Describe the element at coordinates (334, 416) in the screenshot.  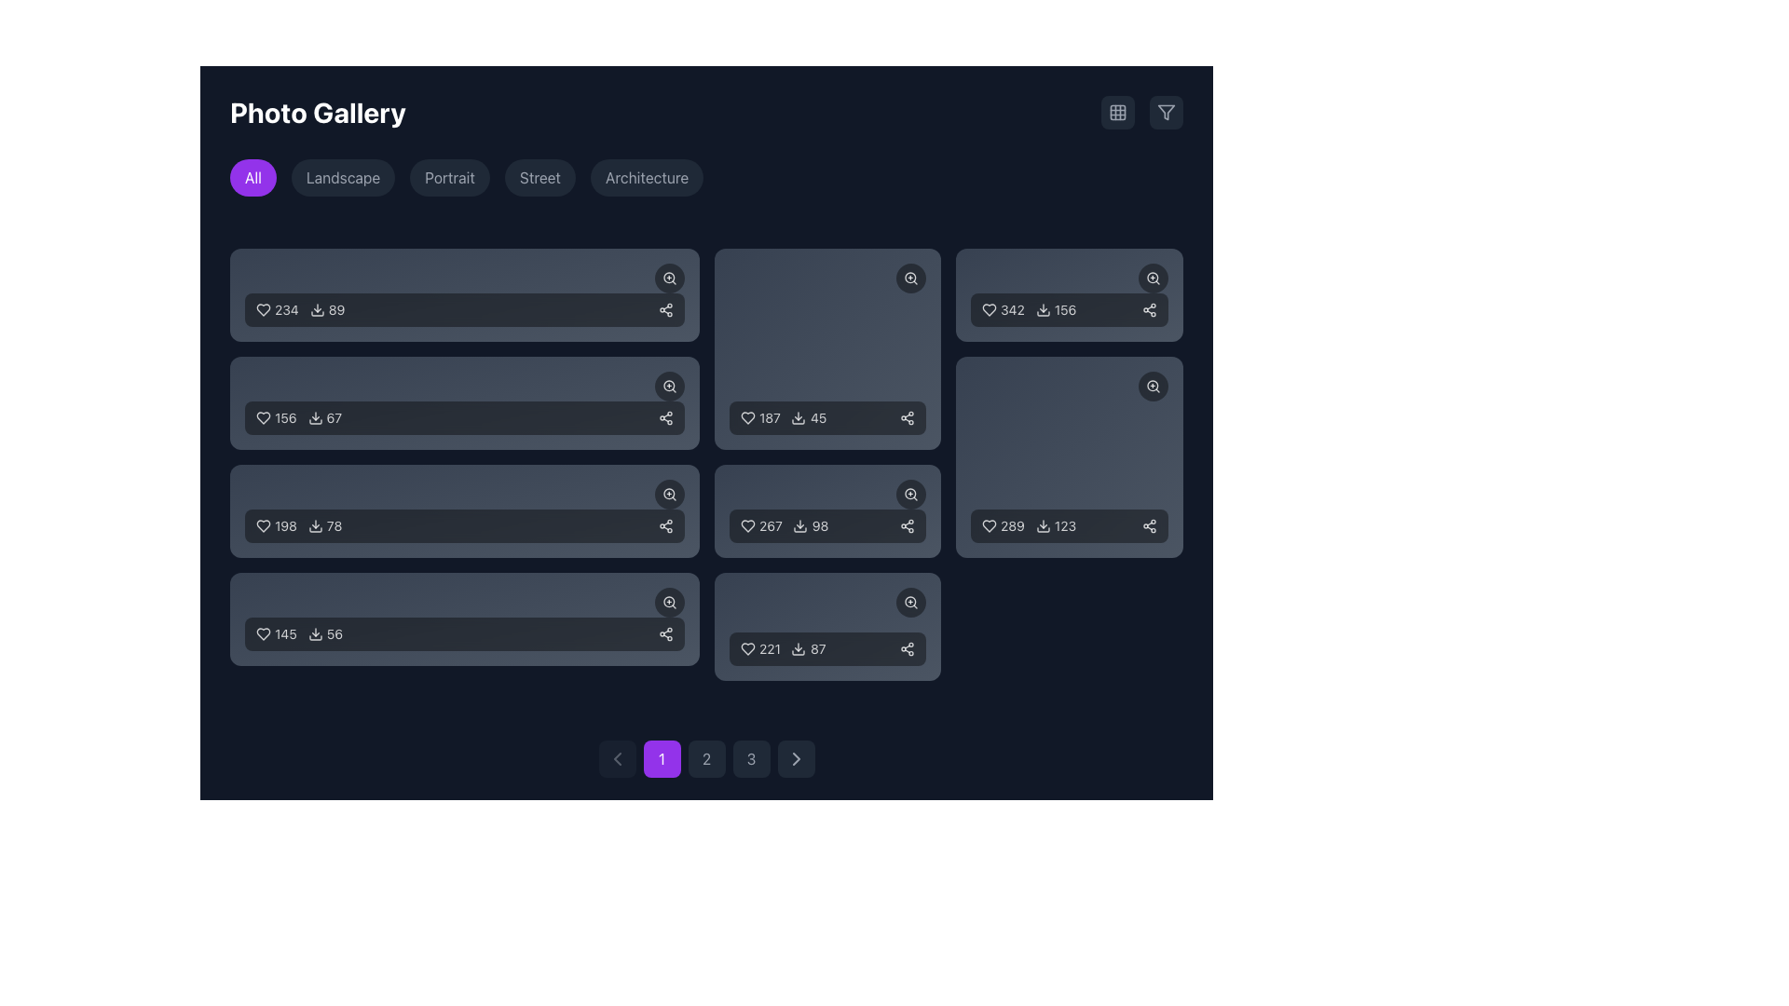
I see `the text element displaying the number '67', which is styled in a small serif font and is part of a horizontal layout with a download icon to its left, located in the second row and first column of a grid layout` at that location.